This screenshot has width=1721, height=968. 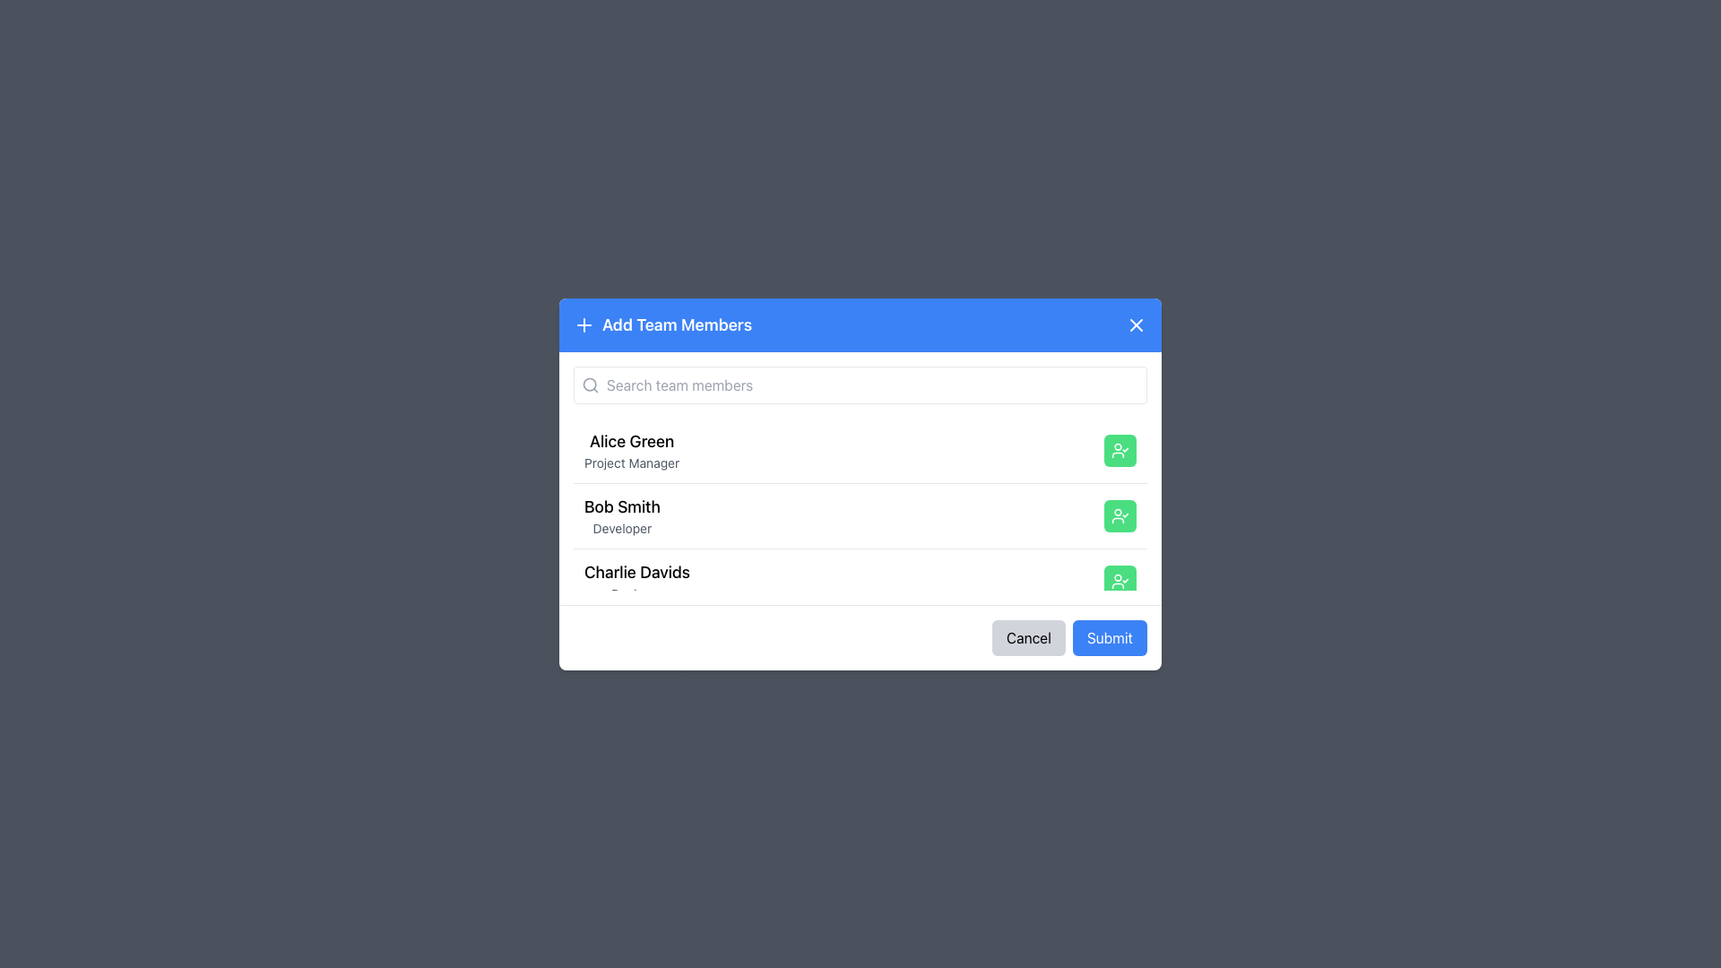 What do you see at coordinates (622, 506) in the screenshot?
I see `the interactive text label displaying the name 'Bob Smith' which is positioned above the 'Developer' label in the user list` at bounding box center [622, 506].